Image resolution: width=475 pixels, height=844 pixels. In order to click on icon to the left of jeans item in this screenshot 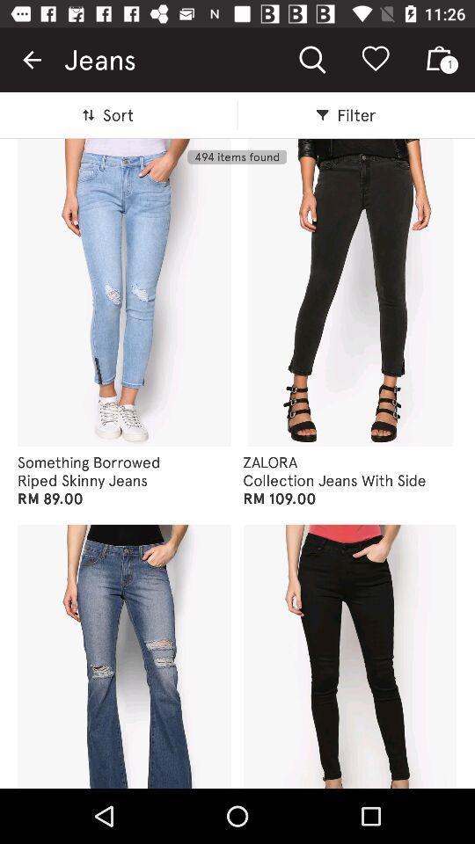, I will do `click(32, 60)`.